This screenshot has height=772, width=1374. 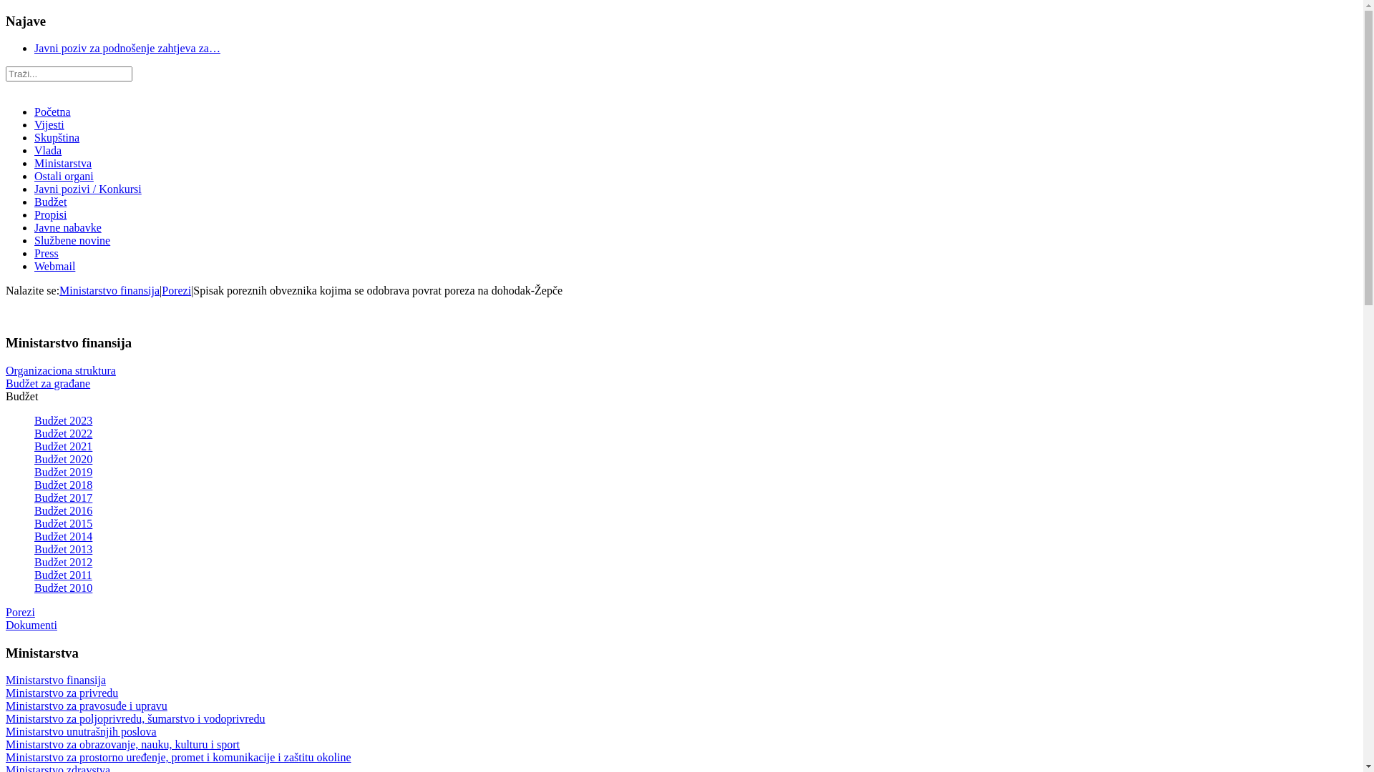 What do you see at coordinates (60, 370) in the screenshot?
I see `'Organizaciona struktura'` at bounding box center [60, 370].